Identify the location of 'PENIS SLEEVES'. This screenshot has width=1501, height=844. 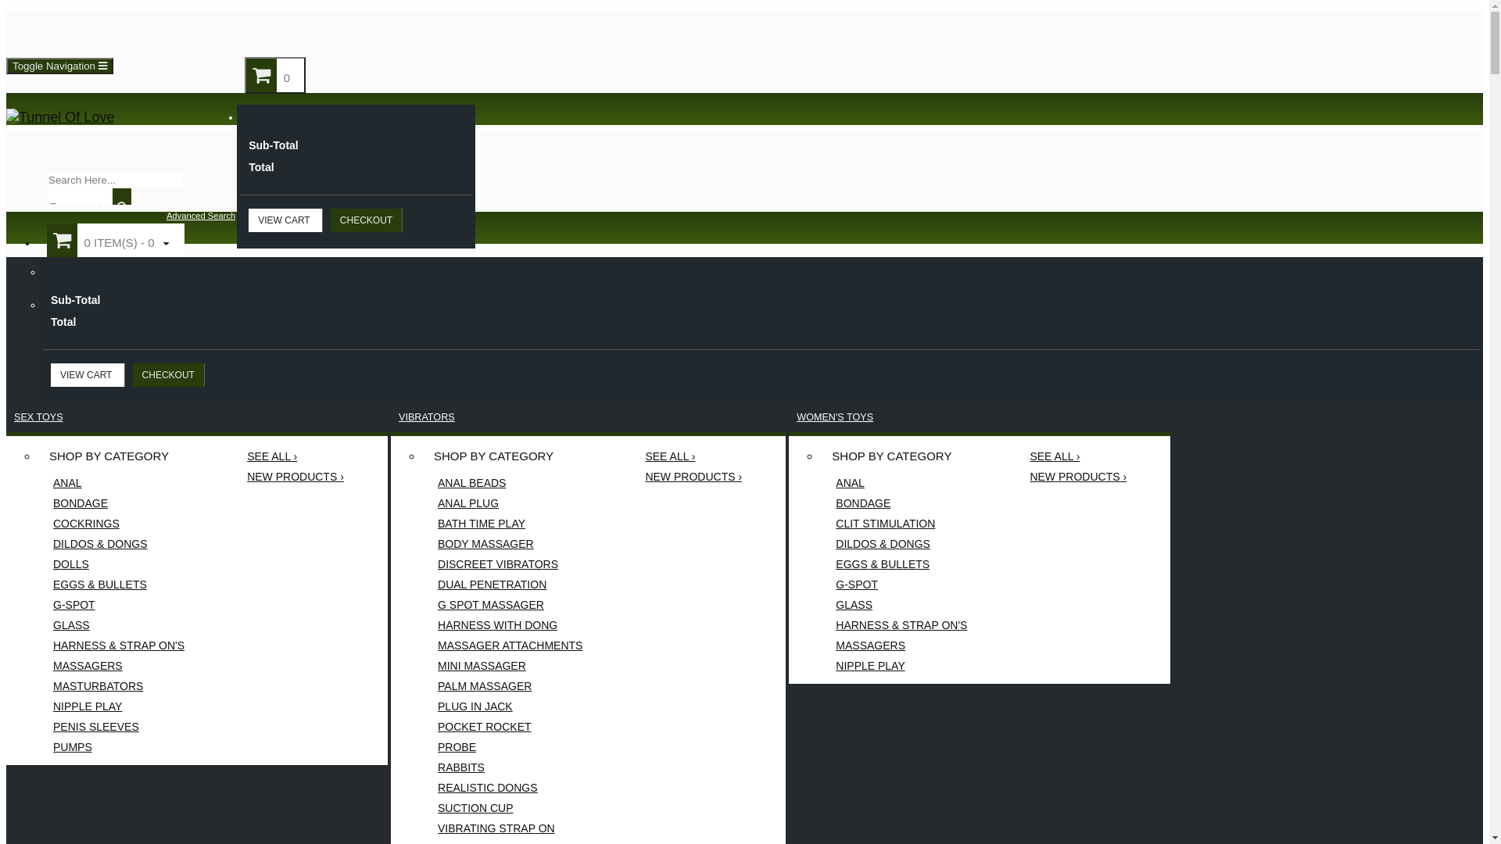
(118, 726).